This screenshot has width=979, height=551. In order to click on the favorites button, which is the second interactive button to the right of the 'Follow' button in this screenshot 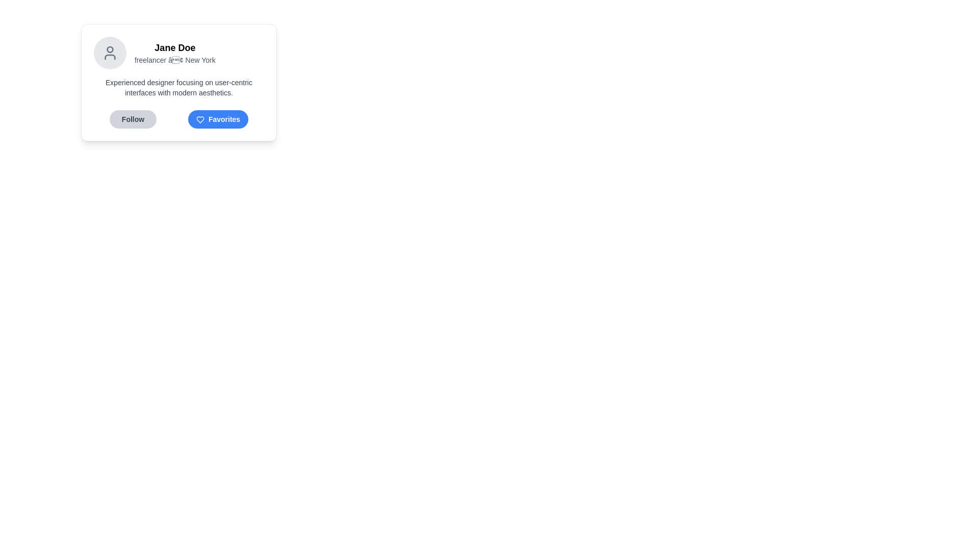, I will do `click(217, 119)`.